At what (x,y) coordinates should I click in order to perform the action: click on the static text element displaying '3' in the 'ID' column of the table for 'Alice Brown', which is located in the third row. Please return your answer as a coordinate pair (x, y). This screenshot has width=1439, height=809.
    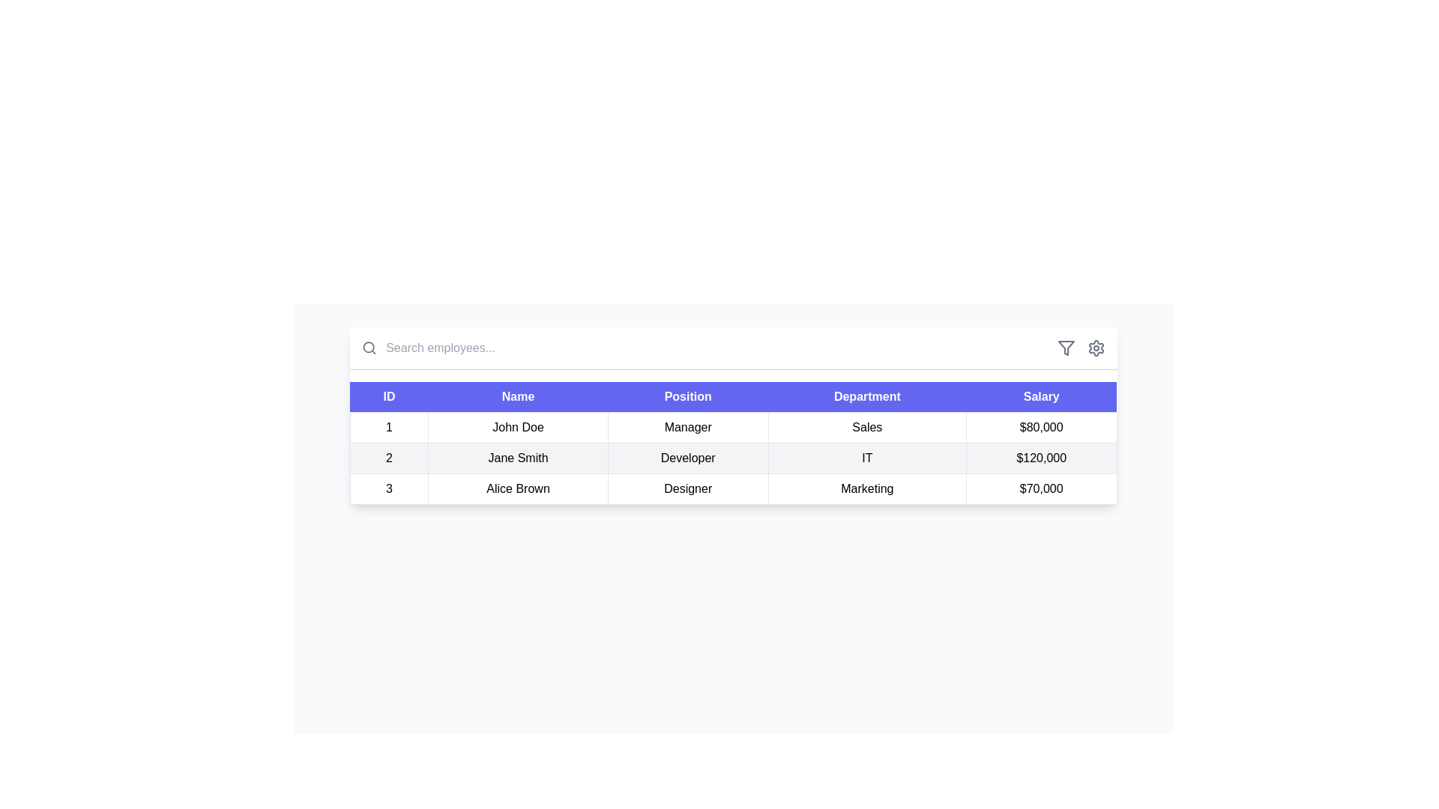
    Looking at the image, I should click on (389, 488).